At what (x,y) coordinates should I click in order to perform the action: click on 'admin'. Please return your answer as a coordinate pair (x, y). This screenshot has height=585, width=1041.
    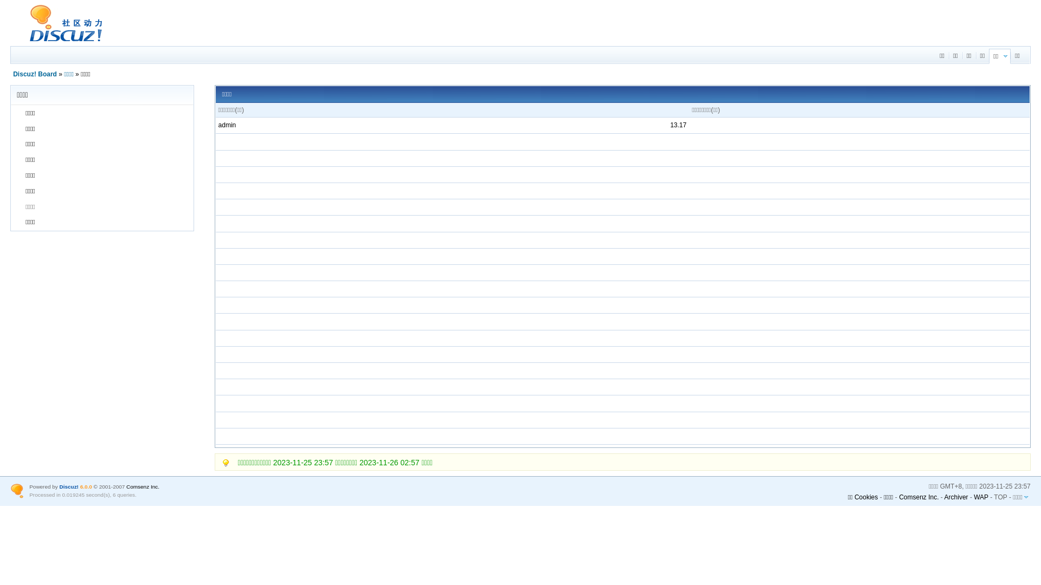
    Looking at the image, I should click on (227, 125).